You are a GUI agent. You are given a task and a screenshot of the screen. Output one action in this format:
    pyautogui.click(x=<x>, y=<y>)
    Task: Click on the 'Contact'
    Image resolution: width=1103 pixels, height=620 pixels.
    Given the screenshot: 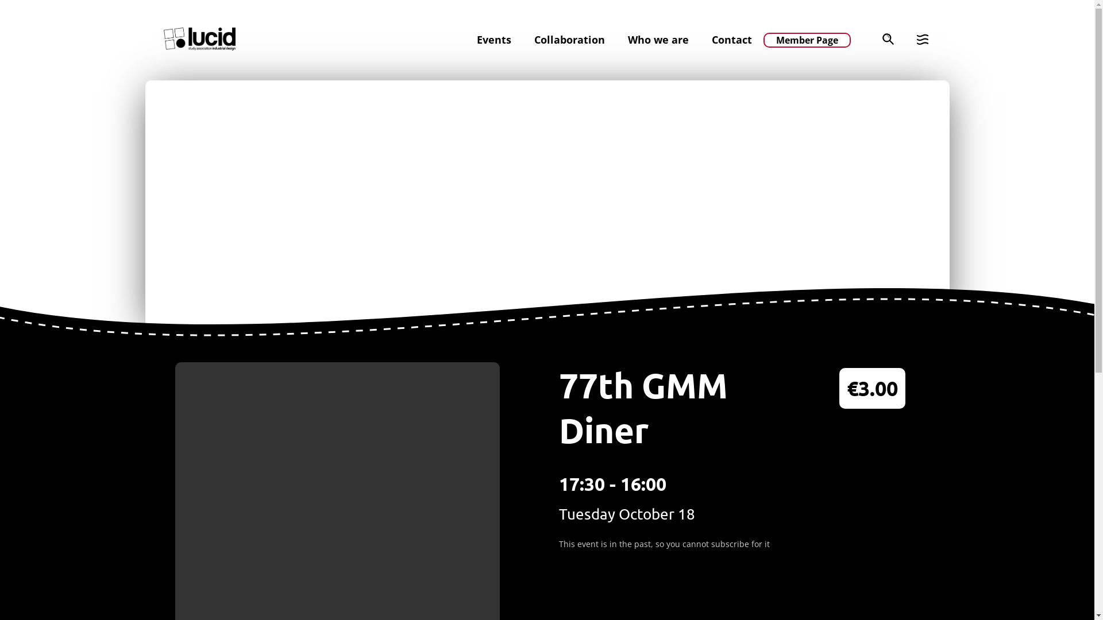 What is the action you would take?
    pyautogui.click(x=730, y=39)
    